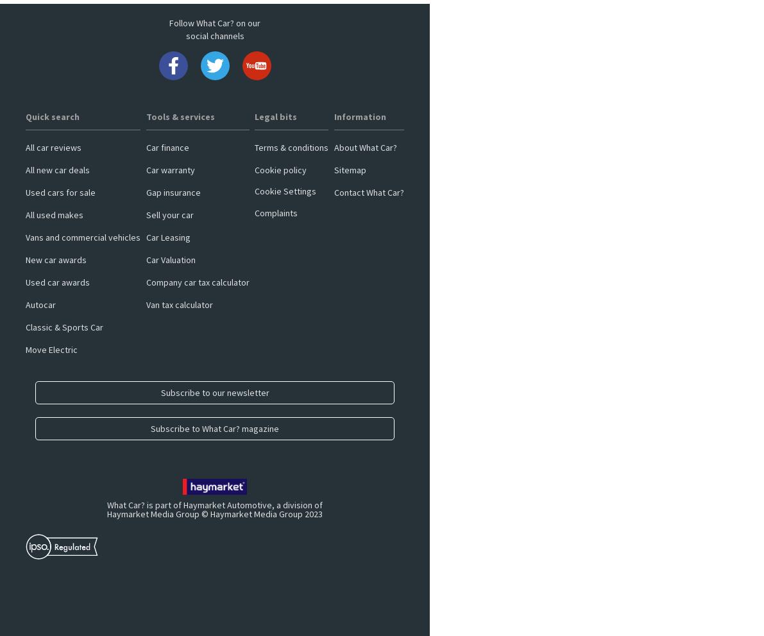  What do you see at coordinates (57, 282) in the screenshot?
I see `'Used car awards'` at bounding box center [57, 282].